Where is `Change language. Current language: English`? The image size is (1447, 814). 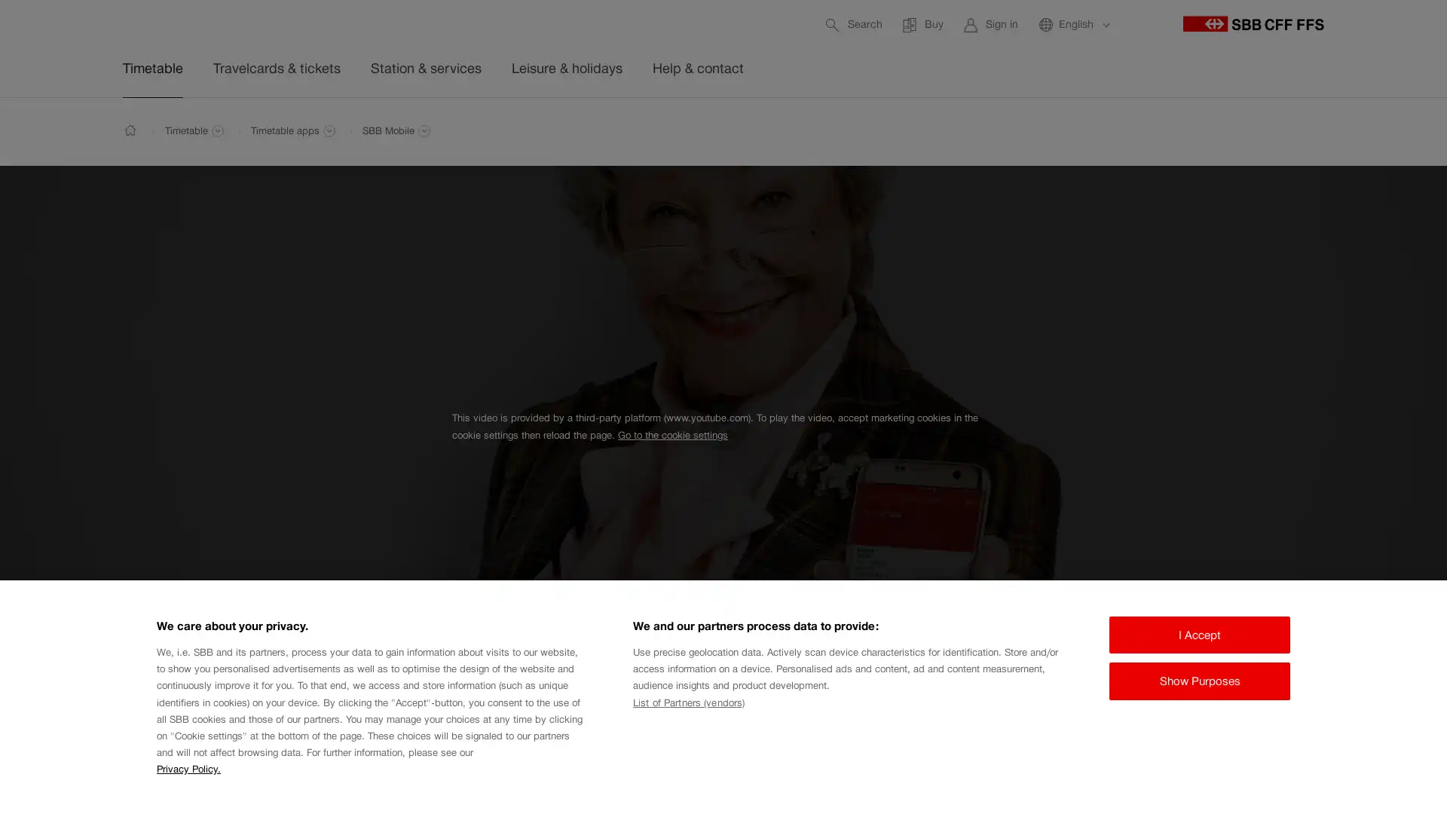
Change language. Current language: English is located at coordinates (1073, 24).